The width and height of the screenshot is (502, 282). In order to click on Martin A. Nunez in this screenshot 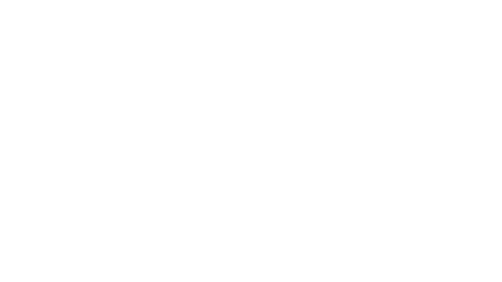, I will do `click(93, 68)`.